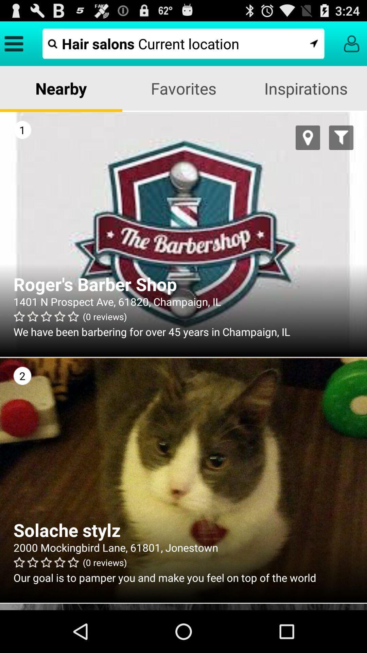 Image resolution: width=367 pixels, height=653 pixels. Describe the element at coordinates (183, 284) in the screenshot. I see `the roger s barber` at that location.